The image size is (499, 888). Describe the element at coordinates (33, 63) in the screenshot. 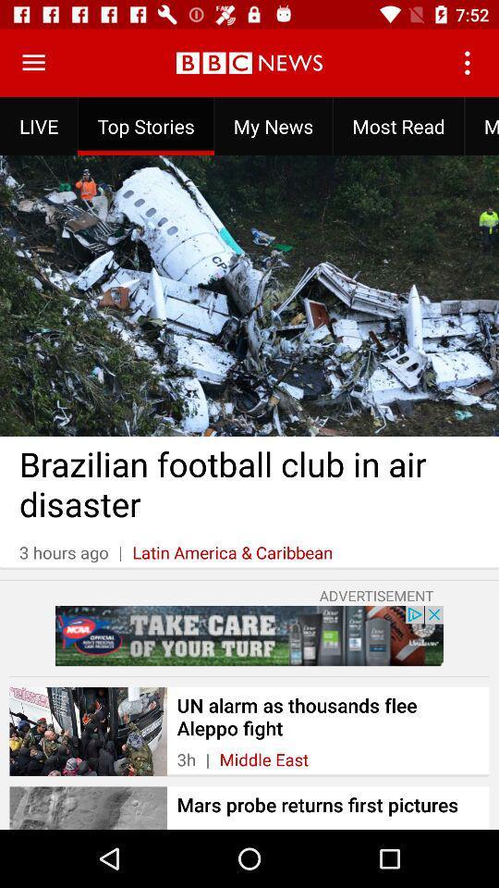

I see `menu` at that location.